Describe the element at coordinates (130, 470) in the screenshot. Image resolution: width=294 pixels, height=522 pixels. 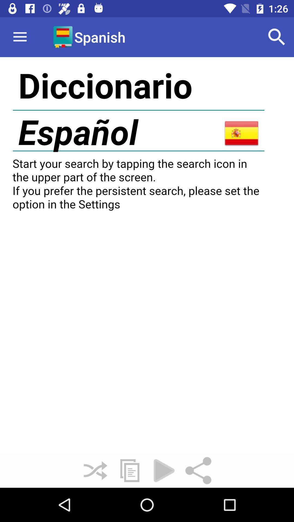
I see `the copy icon` at that location.